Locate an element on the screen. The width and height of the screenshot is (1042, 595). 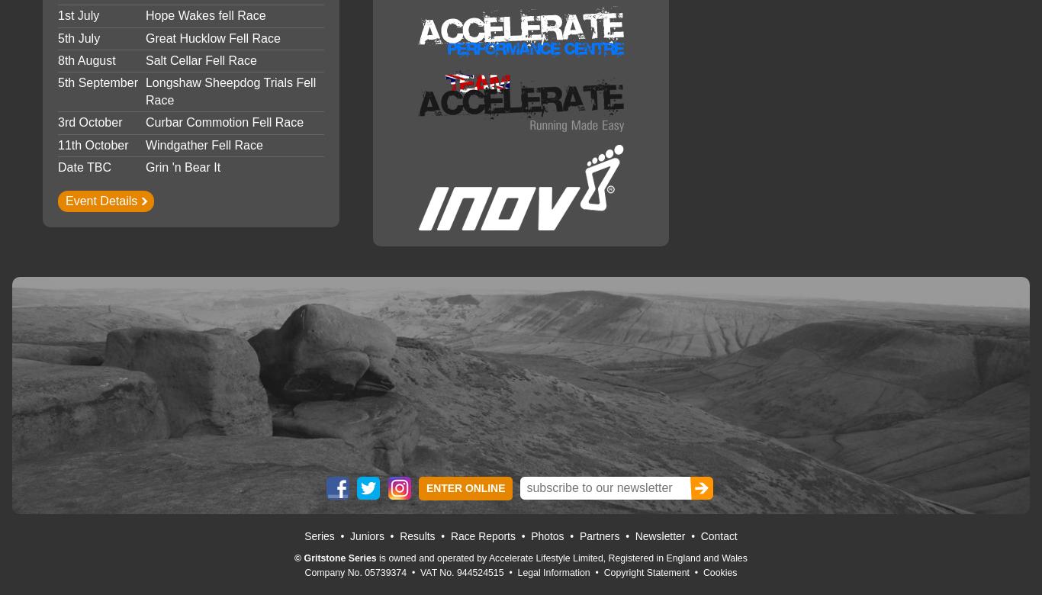
'Results' is located at coordinates (416, 535).